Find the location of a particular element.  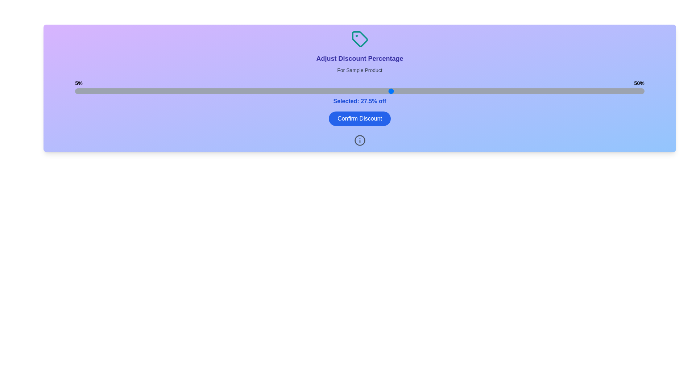

the circular 'info' icon with a gray outline located at the bottom center of the card to retrieve more information is located at coordinates (360, 140).